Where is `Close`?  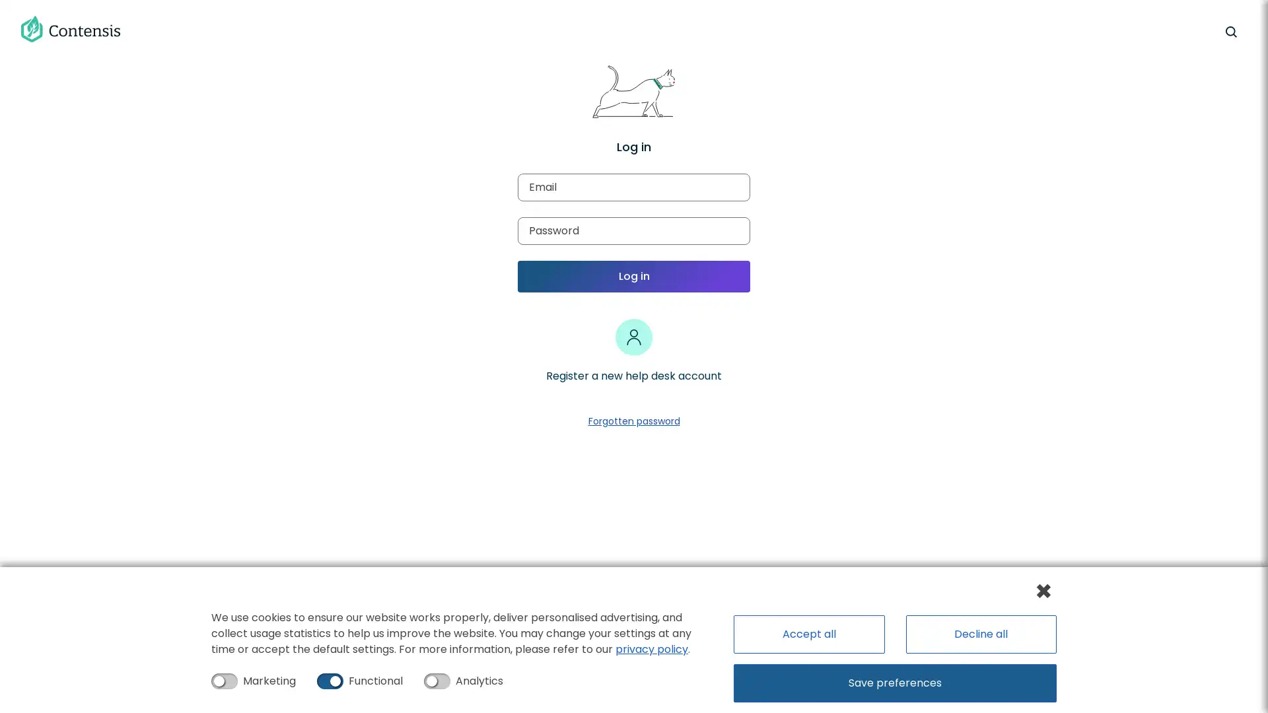
Close is located at coordinates (1042, 590).